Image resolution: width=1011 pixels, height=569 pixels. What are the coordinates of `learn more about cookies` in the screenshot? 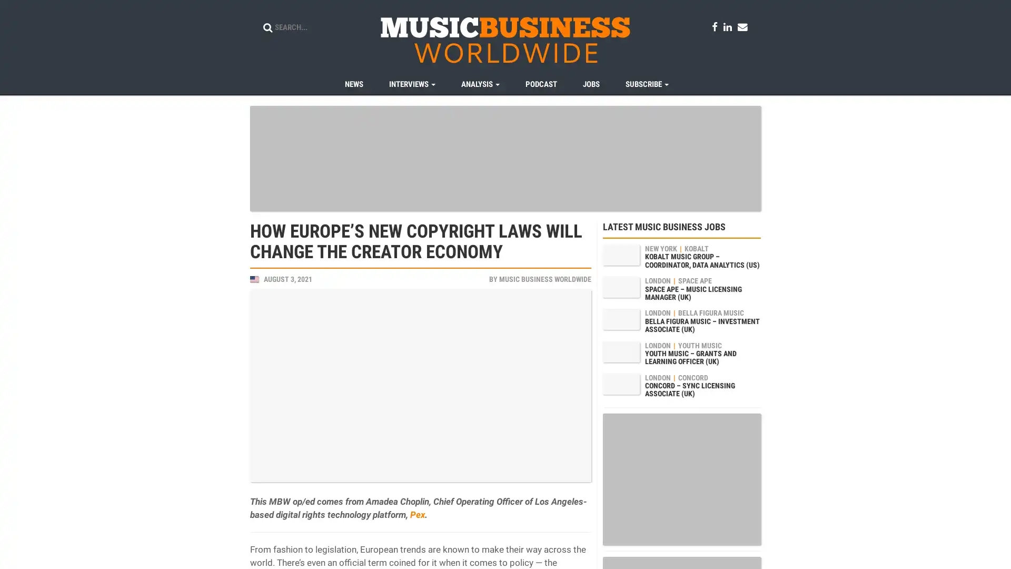 It's located at (337, 551).